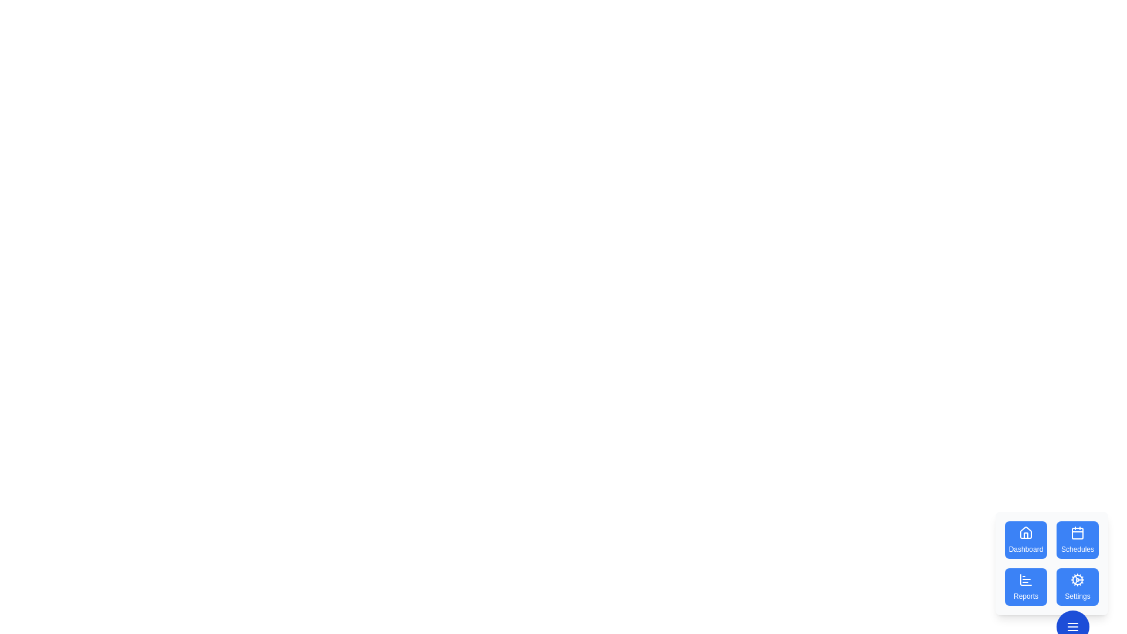 Image resolution: width=1127 pixels, height=634 pixels. I want to click on floating button at the bottom-right corner to toggle the visibility of the speed dial menu, so click(1073, 626).